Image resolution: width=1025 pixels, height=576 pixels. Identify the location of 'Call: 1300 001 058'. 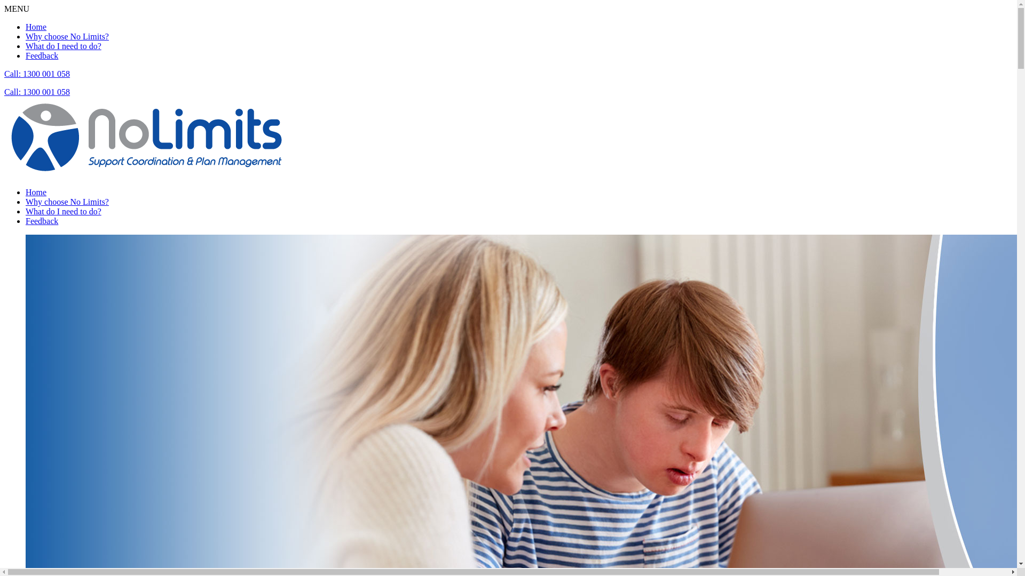
(37, 91).